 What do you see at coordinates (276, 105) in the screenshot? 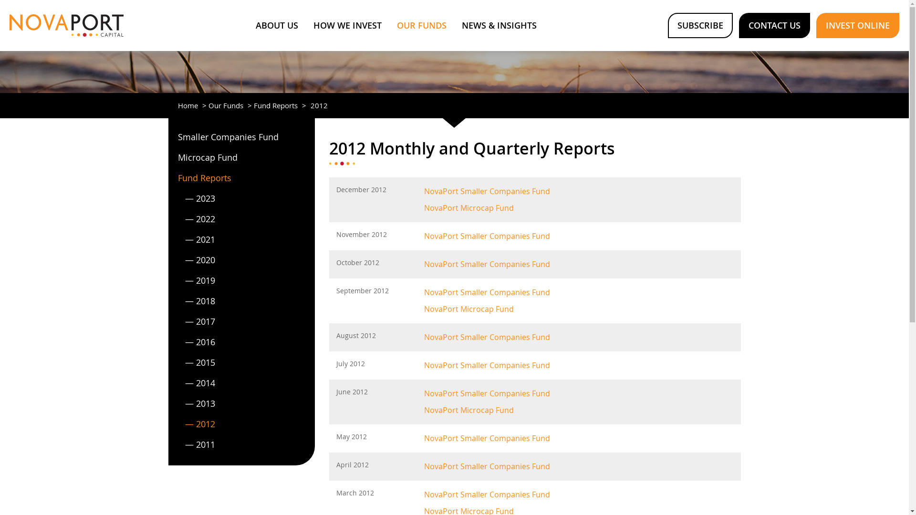
I see `'Fund Reports'` at bounding box center [276, 105].